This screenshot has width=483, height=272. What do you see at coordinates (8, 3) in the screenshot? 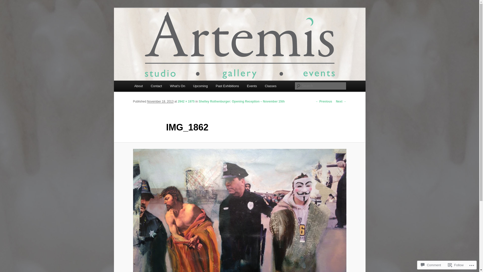
I see `'Search'` at bounding box center [8, 3].